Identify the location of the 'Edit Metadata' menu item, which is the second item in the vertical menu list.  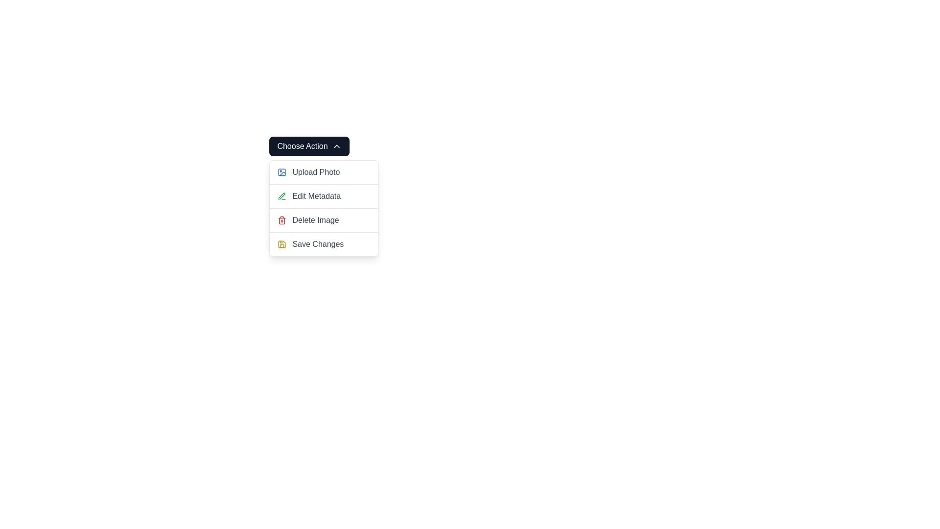
(324, 208).